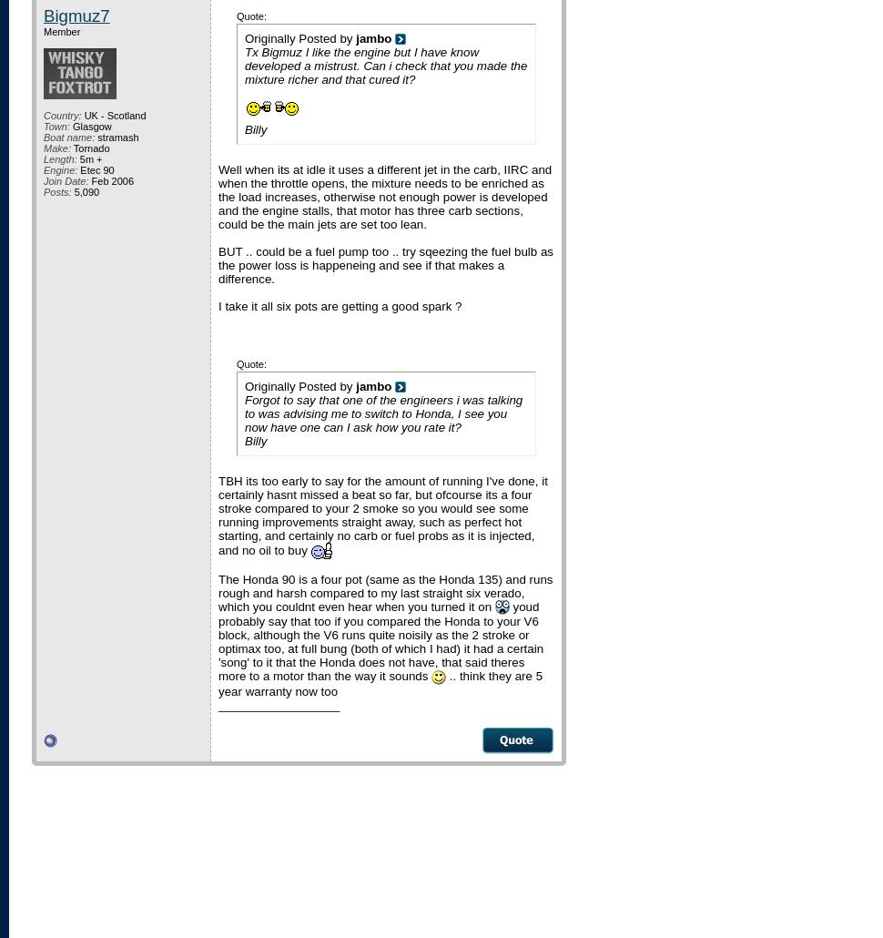  What do you see at coordinates (218, 591) in the screenshot?
I see `'The Honda 90 is a four pot (same as the Honda 135) and runs rough and harsh compared to my last straight six verado, which you couldnt even hear when you turned it on'` at bounding box center [218, 591].